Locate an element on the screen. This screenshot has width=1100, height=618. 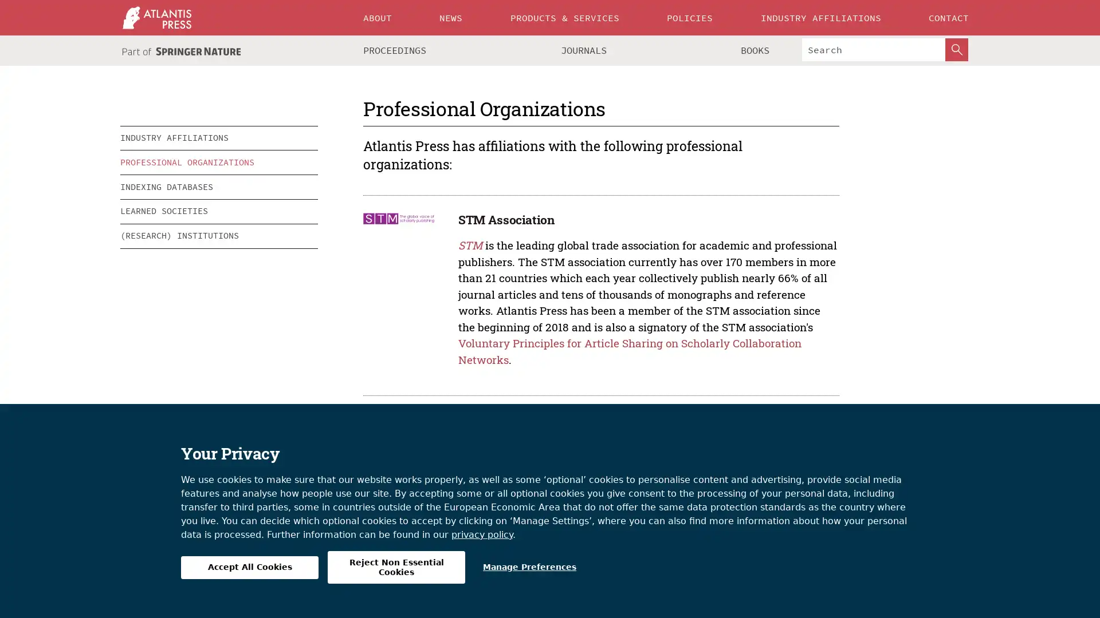
SearchButton is located at coordinates (957, 49).